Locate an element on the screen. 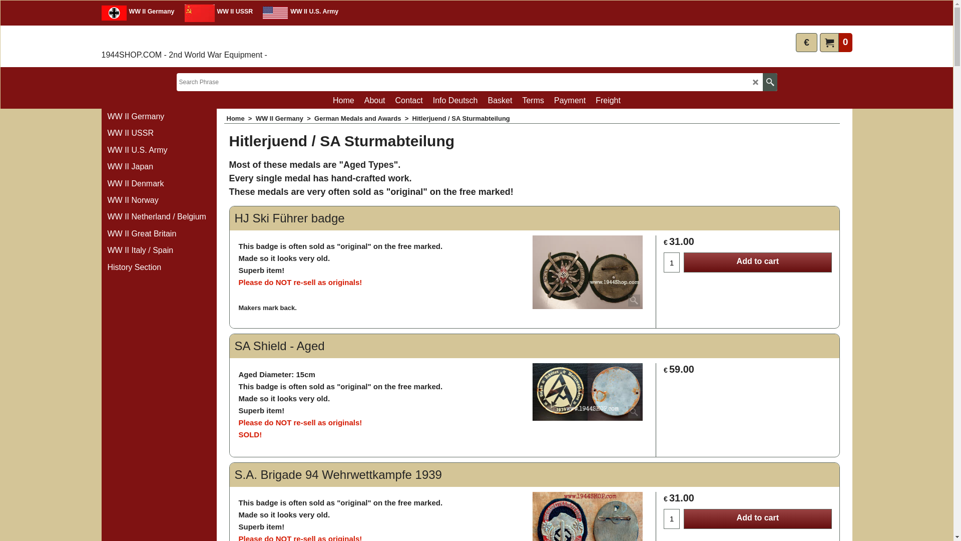 This screenshot has width=961, height=541. 'WW II Norway' is located at coordinates (106, 200).